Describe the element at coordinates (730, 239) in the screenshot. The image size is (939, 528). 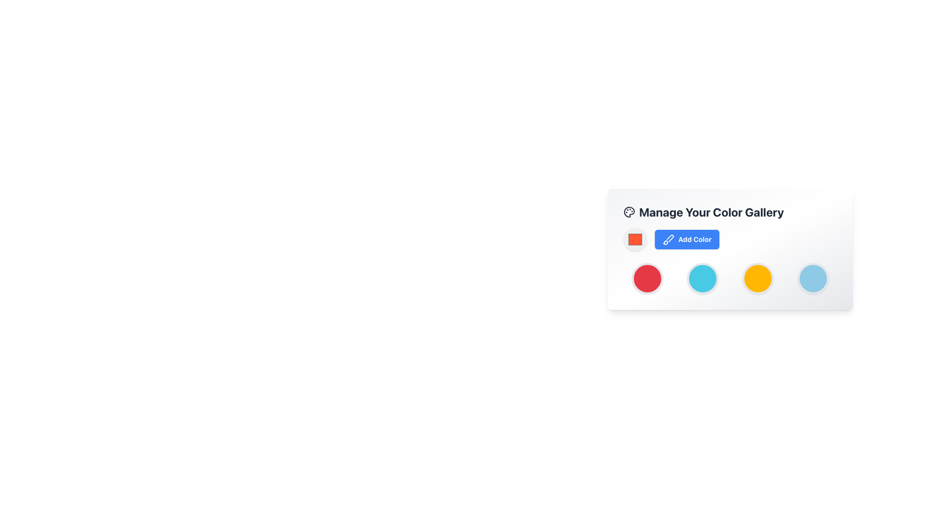
I see `the color display circle in the interactive color selection and confirmation component` at that location.